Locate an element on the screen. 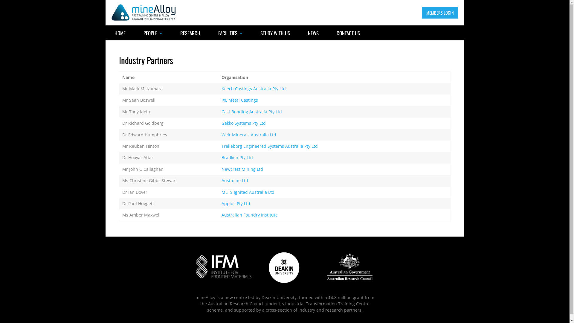 The width and height of the screenshot is (574, 323). 'CONTACT US' is located at coordinates (327, 33).